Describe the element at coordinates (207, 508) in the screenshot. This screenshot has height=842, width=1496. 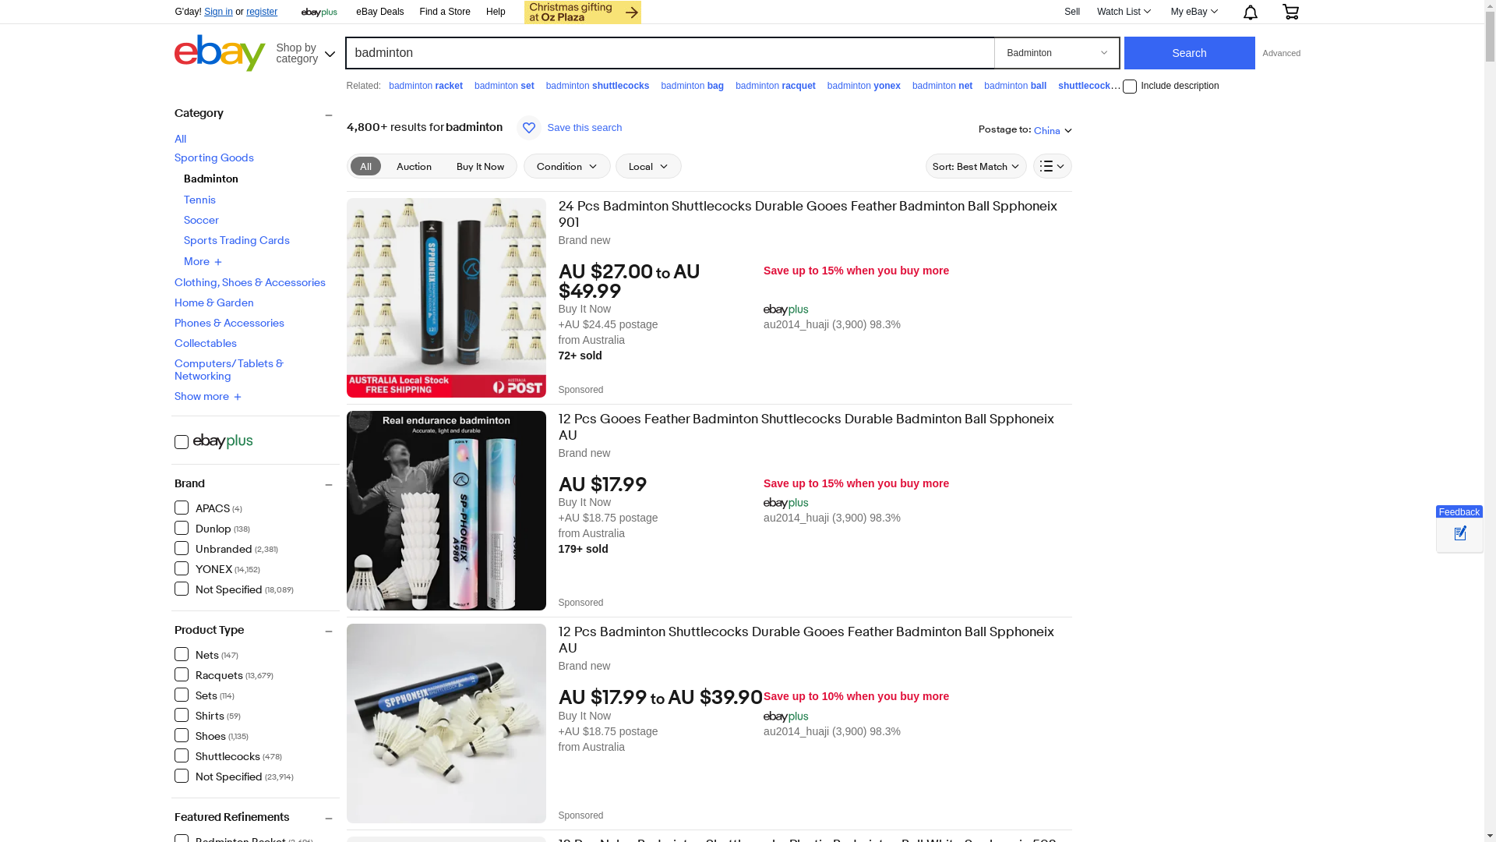
I see `'APACS` at that location.